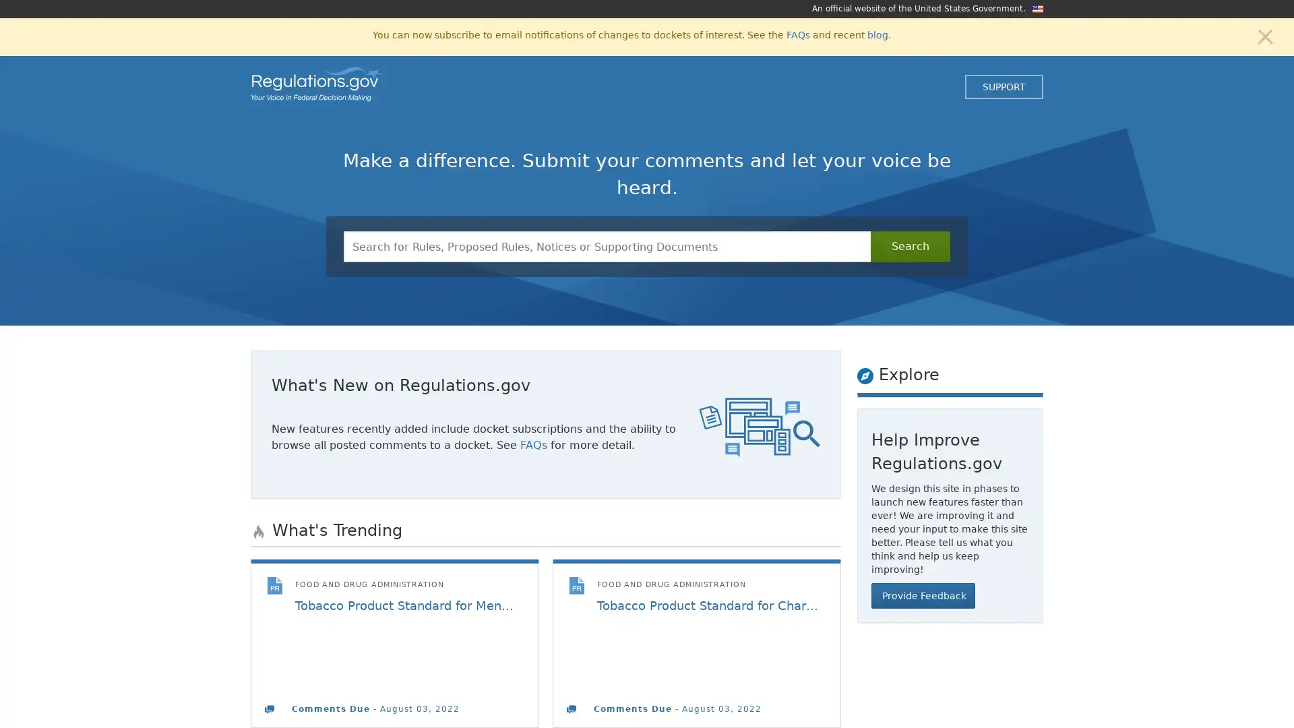 This screenshot has width=1294, height=728. I want to click on Search, so click(910, 247).